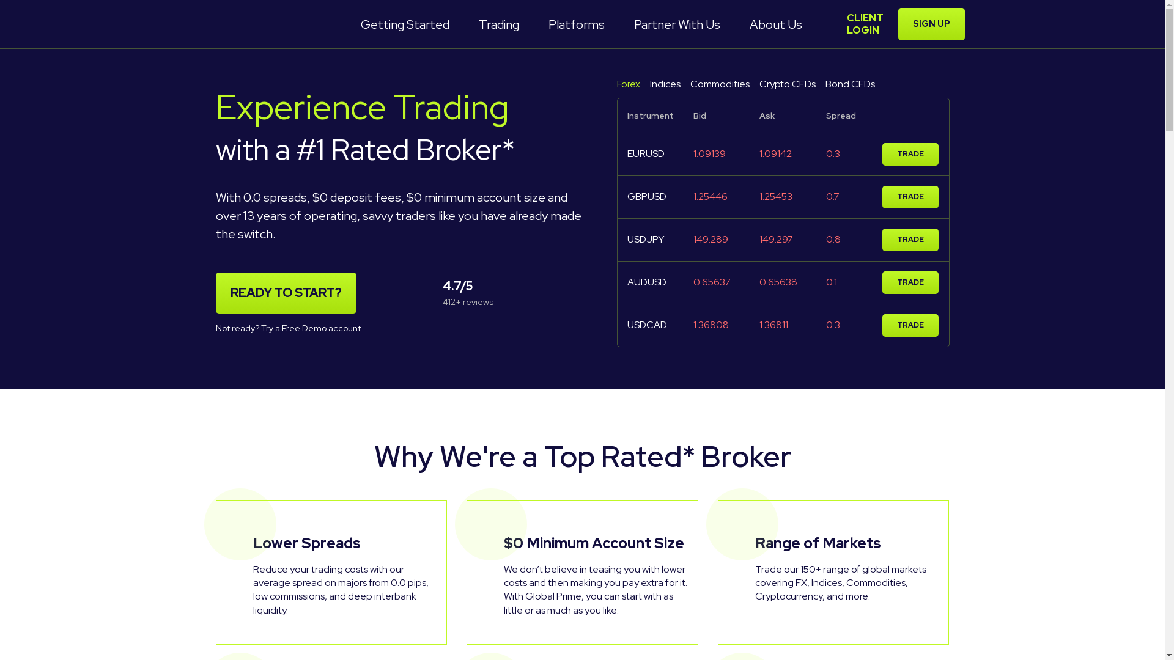 The image size is (1174, 660). Describe the element at coordinates (930, 24) in the screenshot. I see `'SIGN UP'` at that location.